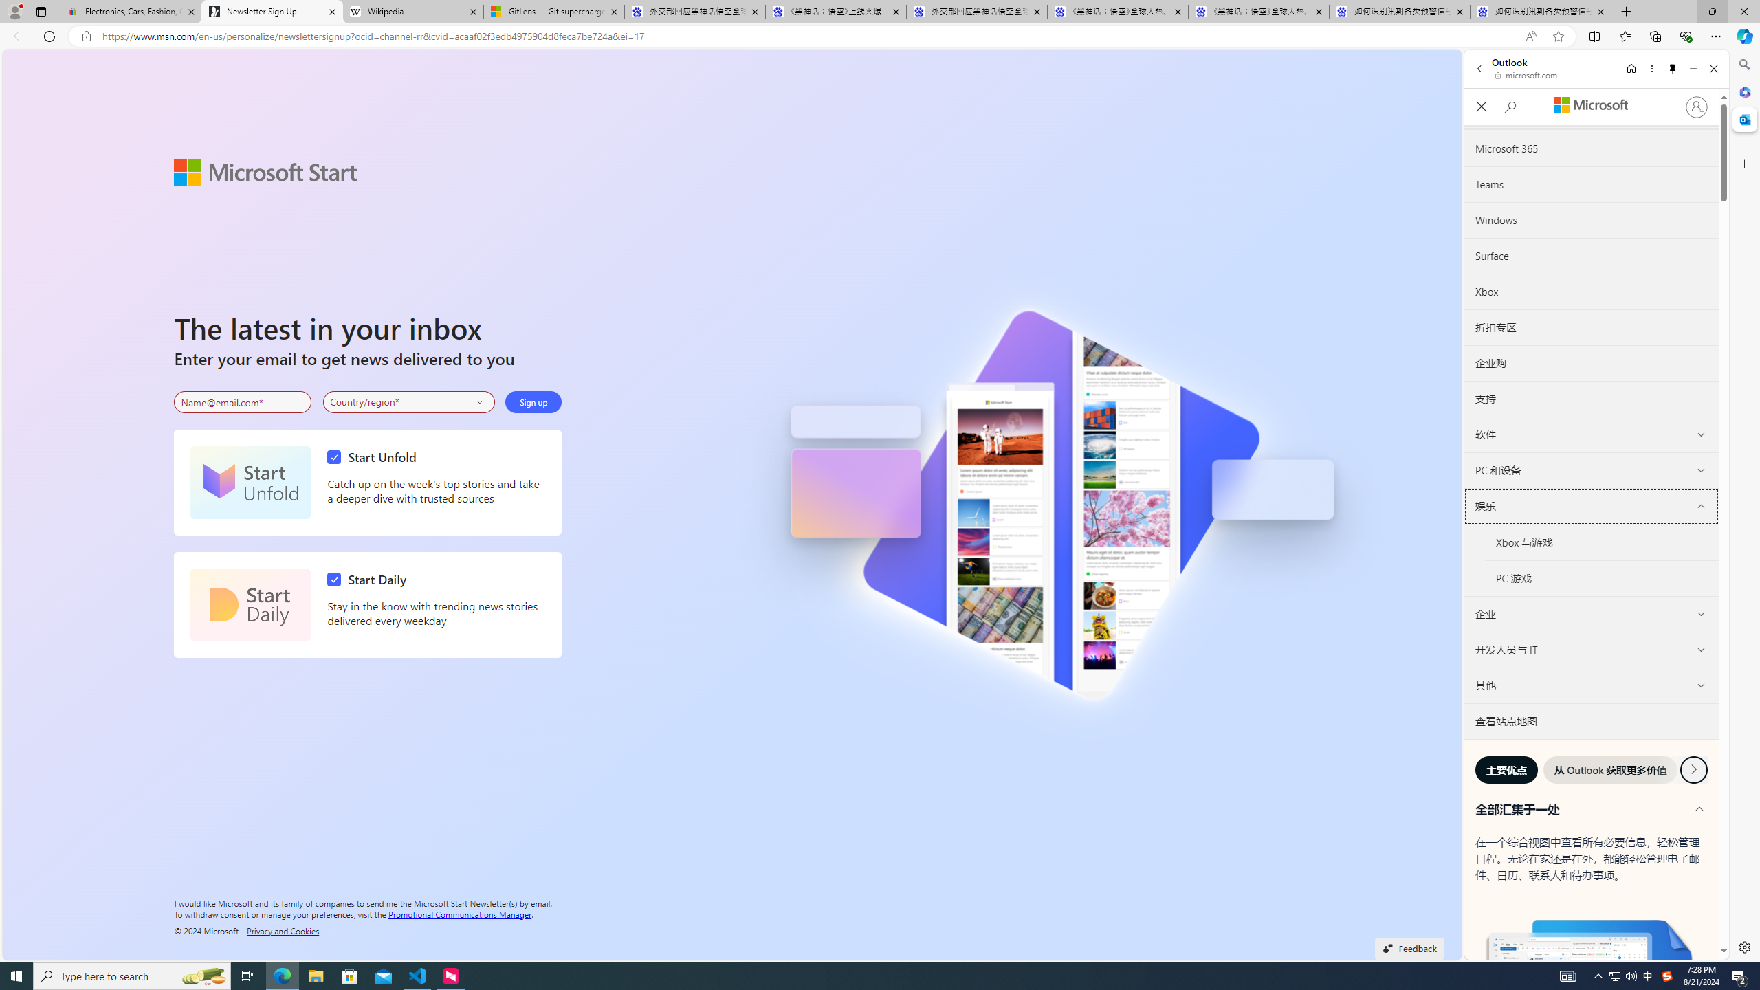 The image size is (1760, 990). Describe the element at coordinates (283, 929) in the screenshot. I see `'Privacy and Cookies'` at that location.